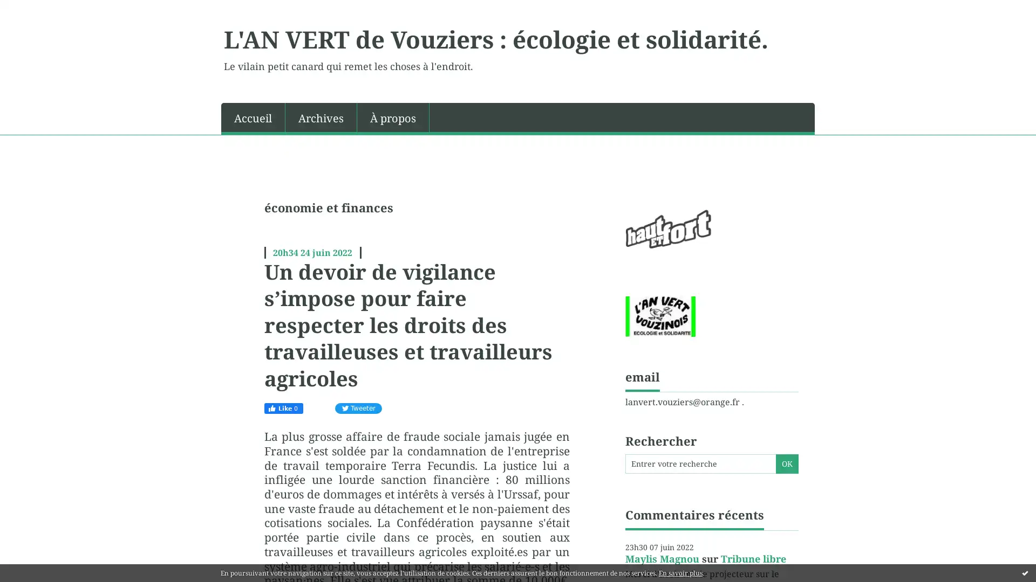 The height and width of the screenshot is (582, 1036). What do you see at coordinates (787, 463) in the screenshot?
I see `OK` at bounding box center [787, 463].